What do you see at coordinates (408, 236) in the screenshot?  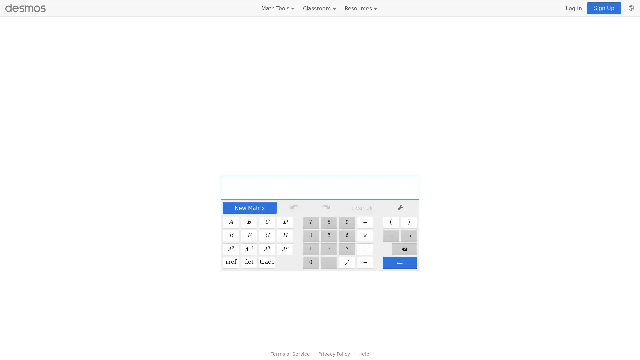 I see `Right Arrow` at bounding box center [408, 236].